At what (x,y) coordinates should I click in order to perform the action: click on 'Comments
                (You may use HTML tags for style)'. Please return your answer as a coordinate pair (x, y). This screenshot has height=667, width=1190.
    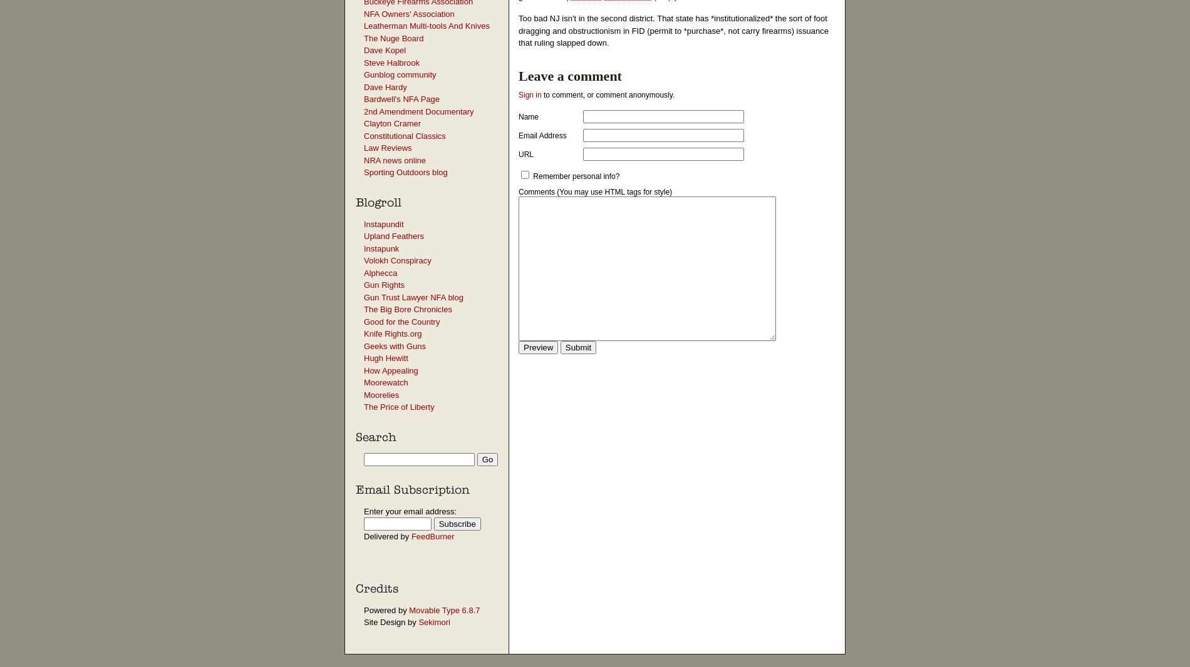
    Looking at the image, I should click on (595, 191).